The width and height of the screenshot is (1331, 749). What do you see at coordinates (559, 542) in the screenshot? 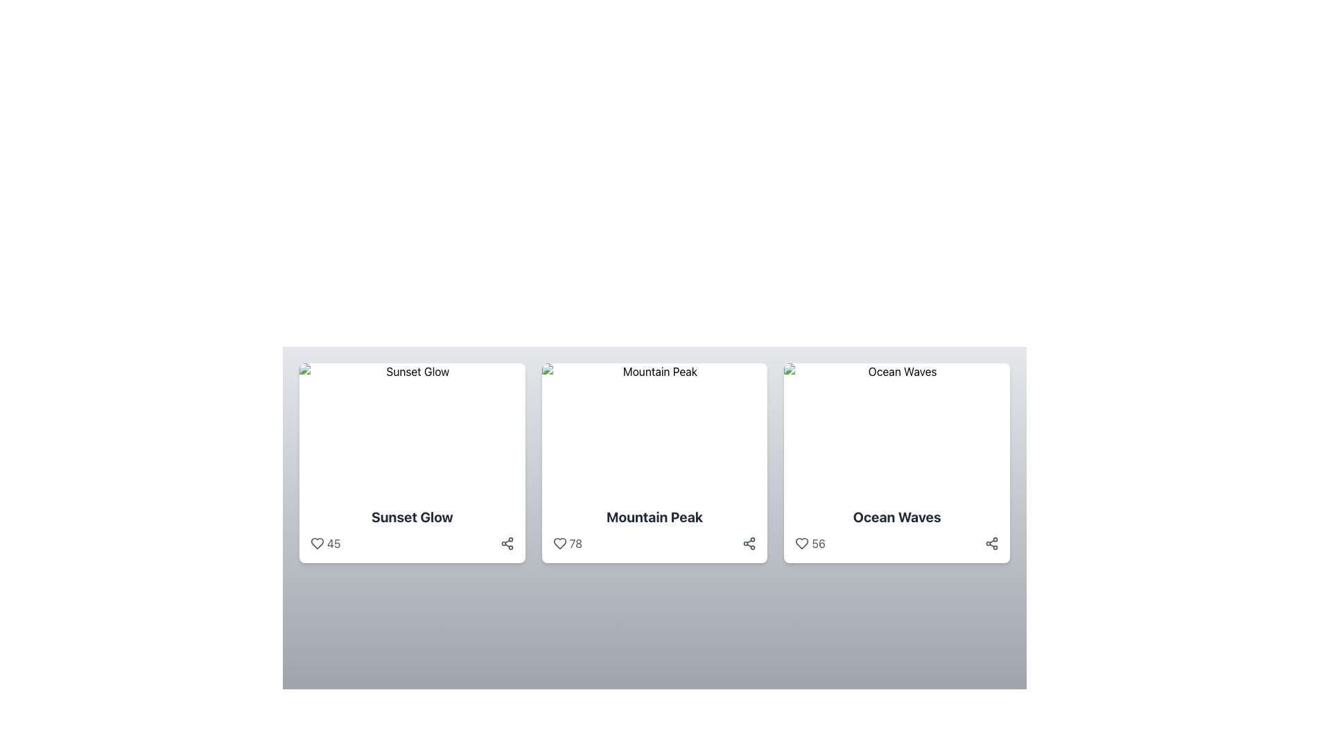
I see `the heart icon to indicate interest in liking the 'Mountain Peak' item, which is located to the left of the '78' like count text` at bounding box center [559, 542].